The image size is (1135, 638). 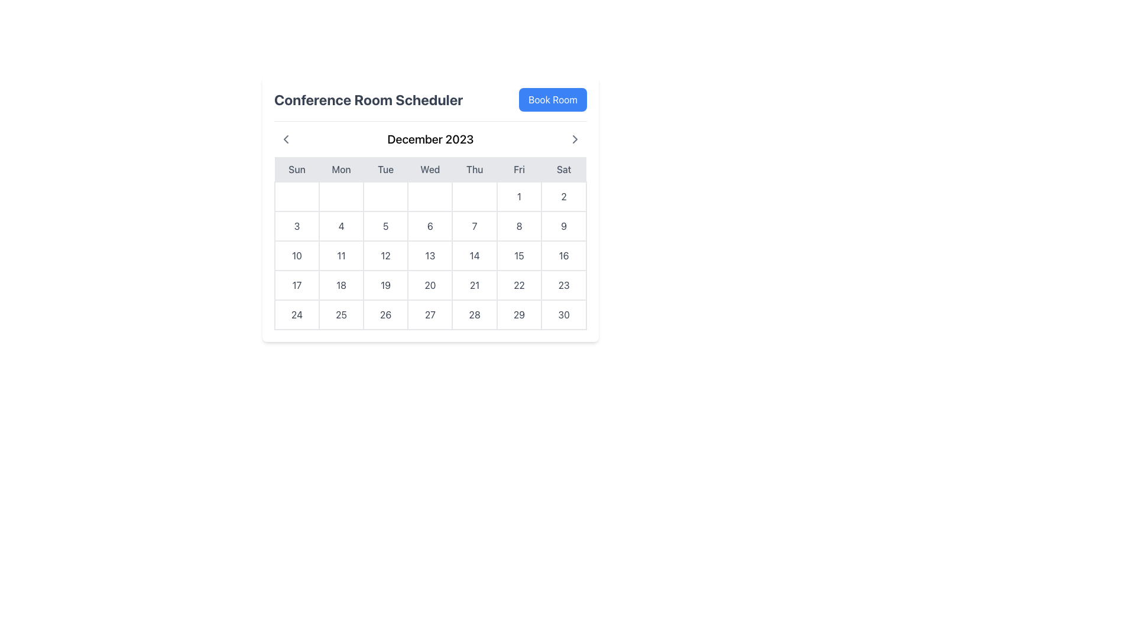 What do you see at coordinates (519, 226) in the screenshot?
I see `the button displaying the digit '8'` at bounding box center [519, 226].